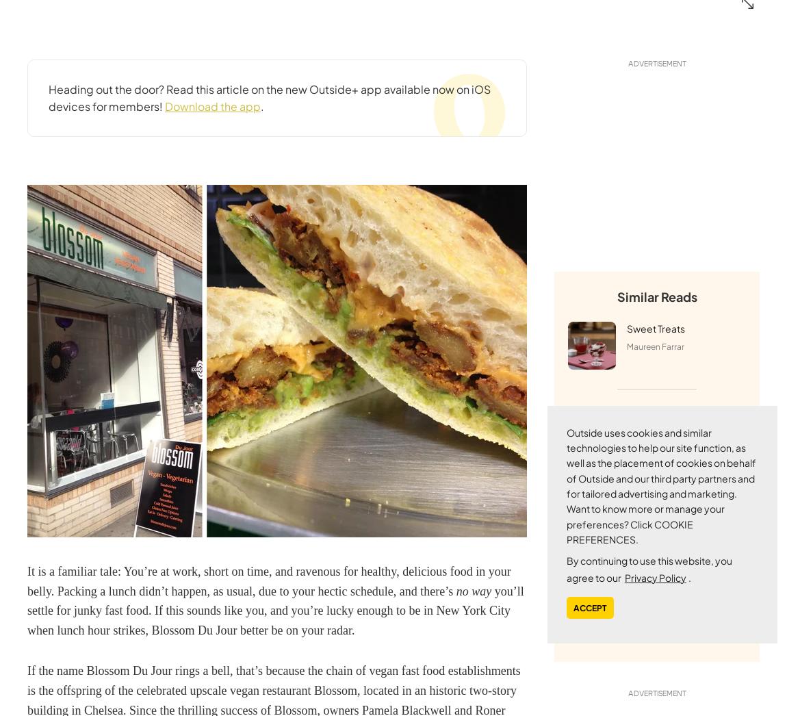  I want to click on 'Vegetarian Times Editors', so click(675, 460).